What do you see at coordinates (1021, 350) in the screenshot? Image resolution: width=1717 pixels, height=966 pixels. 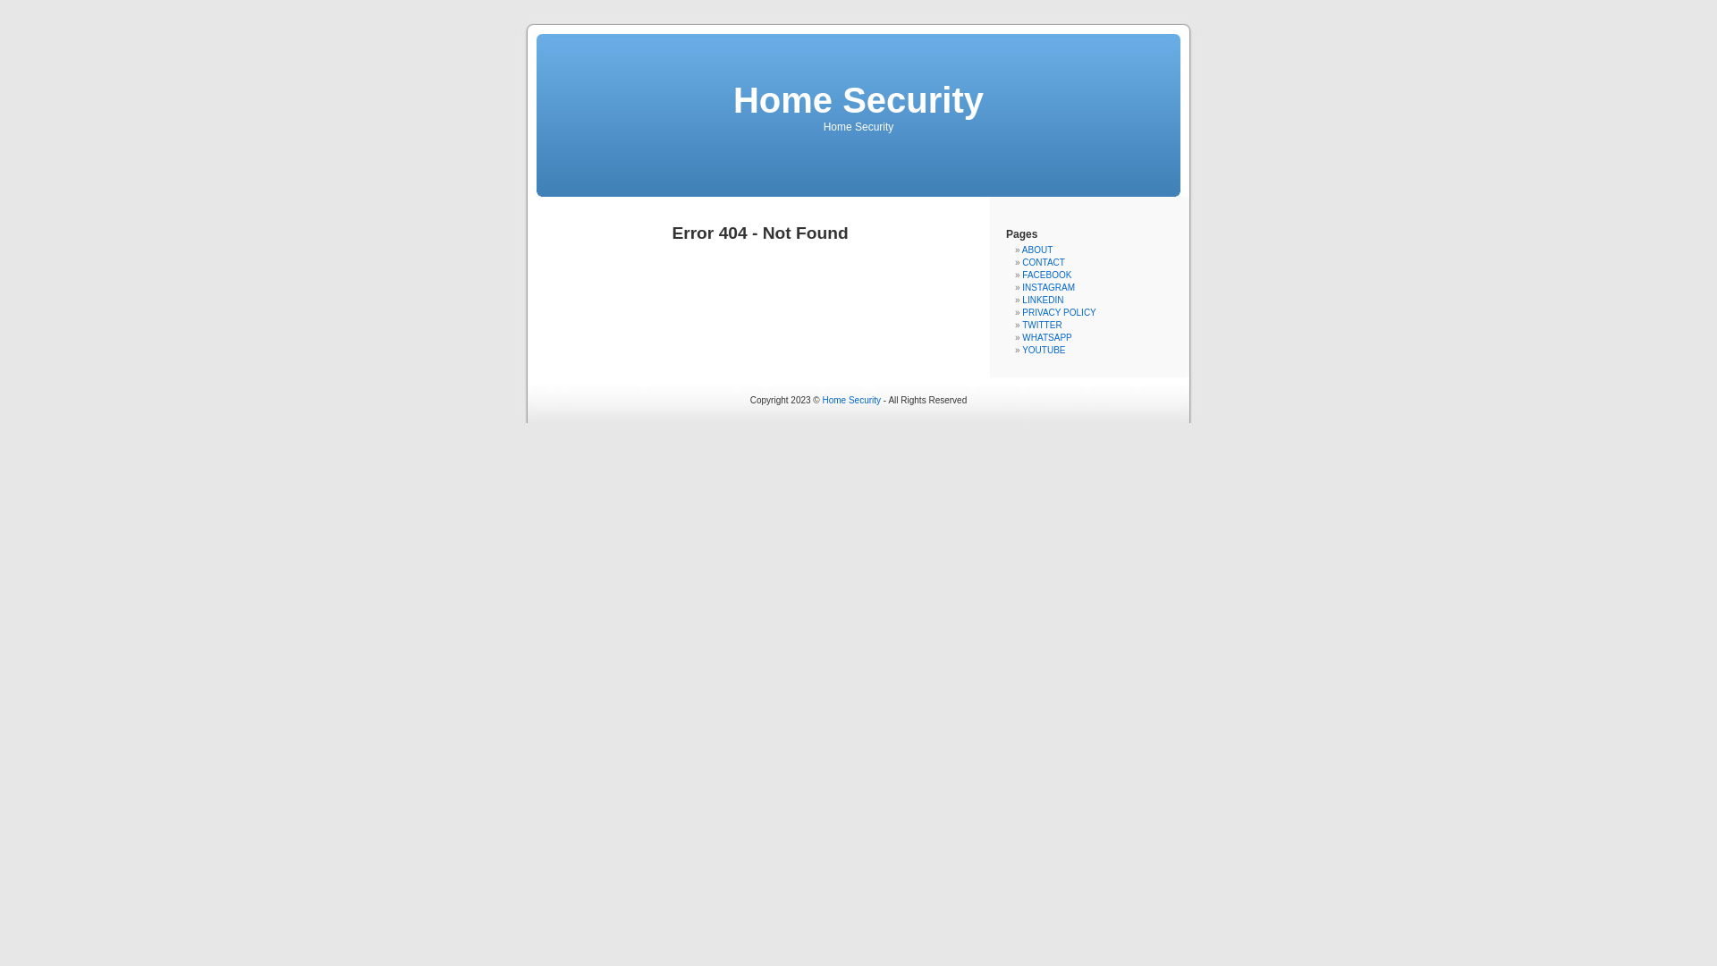 I see `'YOUTUBE'` at bounding box center [1021, 350].